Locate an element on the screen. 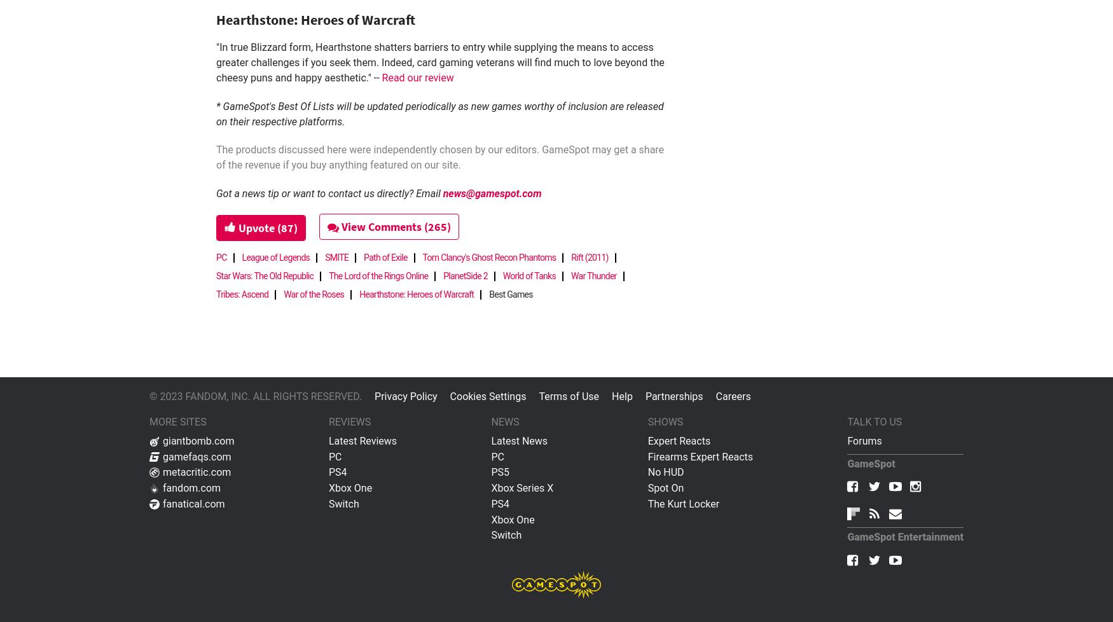  'GameSpot' is located at coordinates (871, 463).